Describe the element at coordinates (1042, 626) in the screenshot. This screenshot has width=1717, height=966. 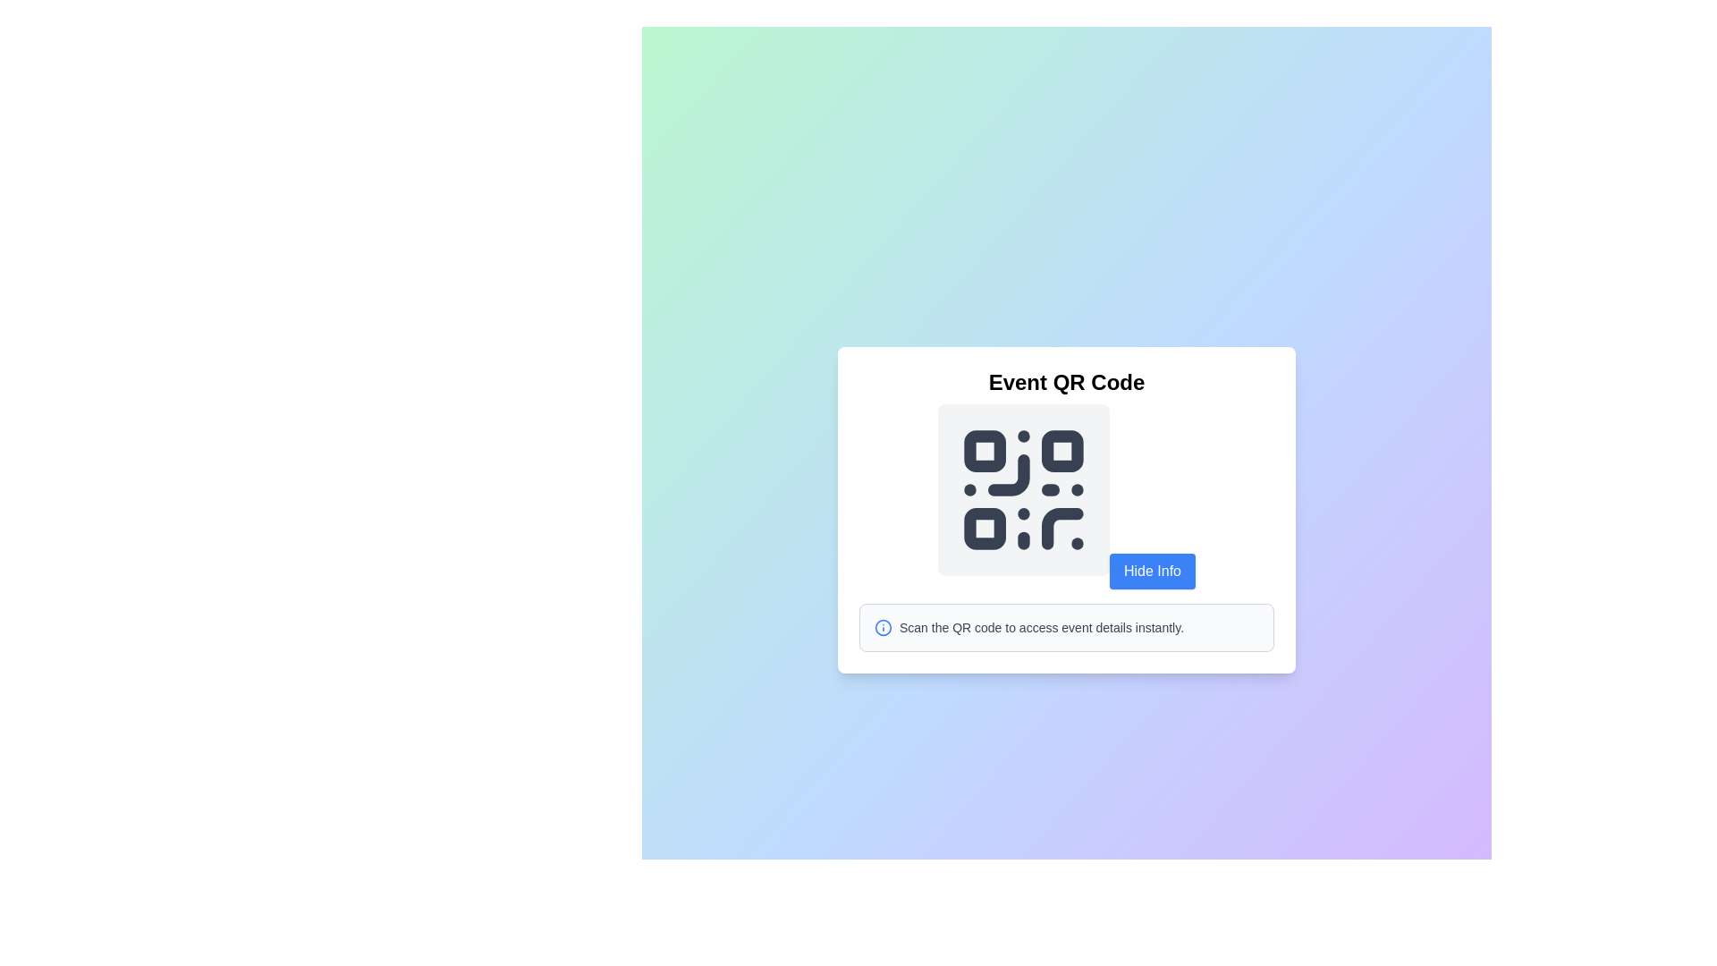
I see `the informational text label that provides instructions for scanning a QR code, located below the QR code image and to the right of a small blue circular icon` at that location.